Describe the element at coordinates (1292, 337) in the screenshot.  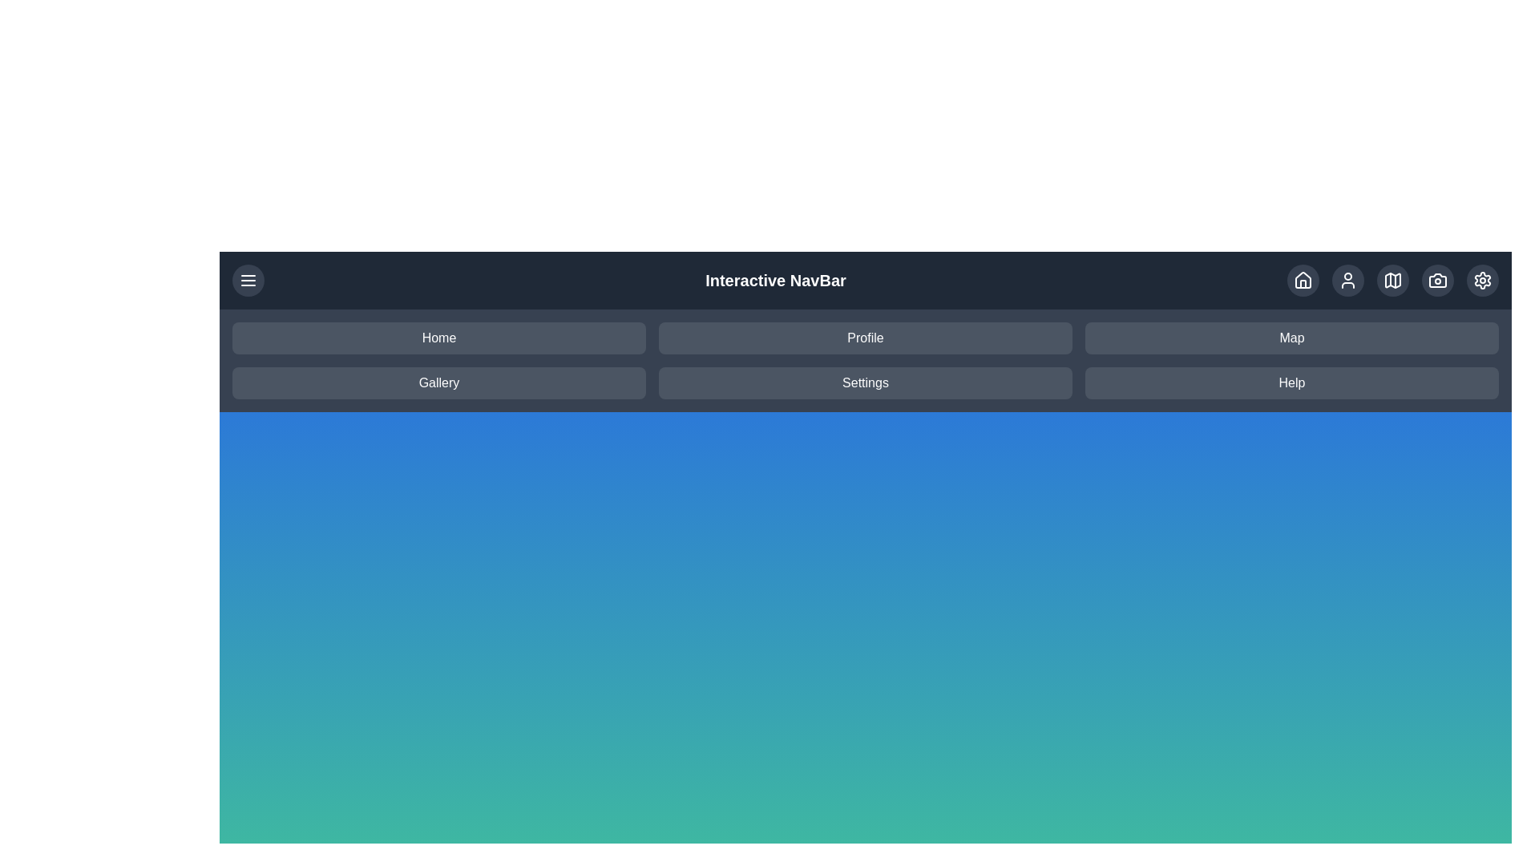
I see `the menu item labeled Map` at that location.